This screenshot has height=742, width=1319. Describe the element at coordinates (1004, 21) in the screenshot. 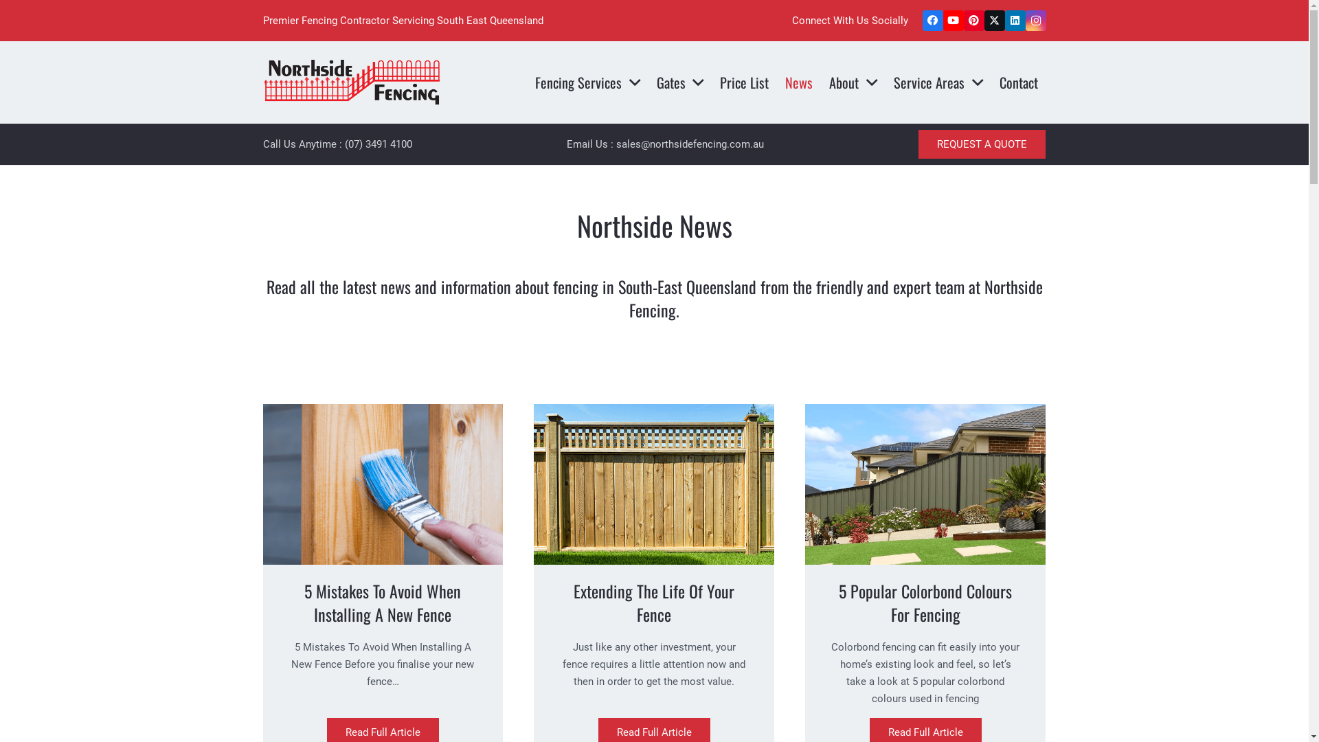

I see `'LinkedIn'` at that location.